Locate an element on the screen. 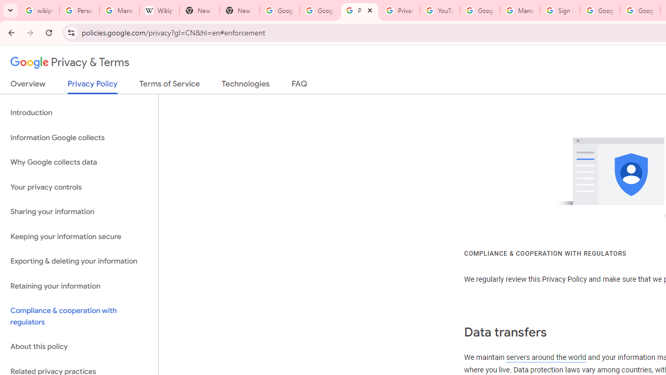  'Terms of Service' is located at coordinates (170, 85).